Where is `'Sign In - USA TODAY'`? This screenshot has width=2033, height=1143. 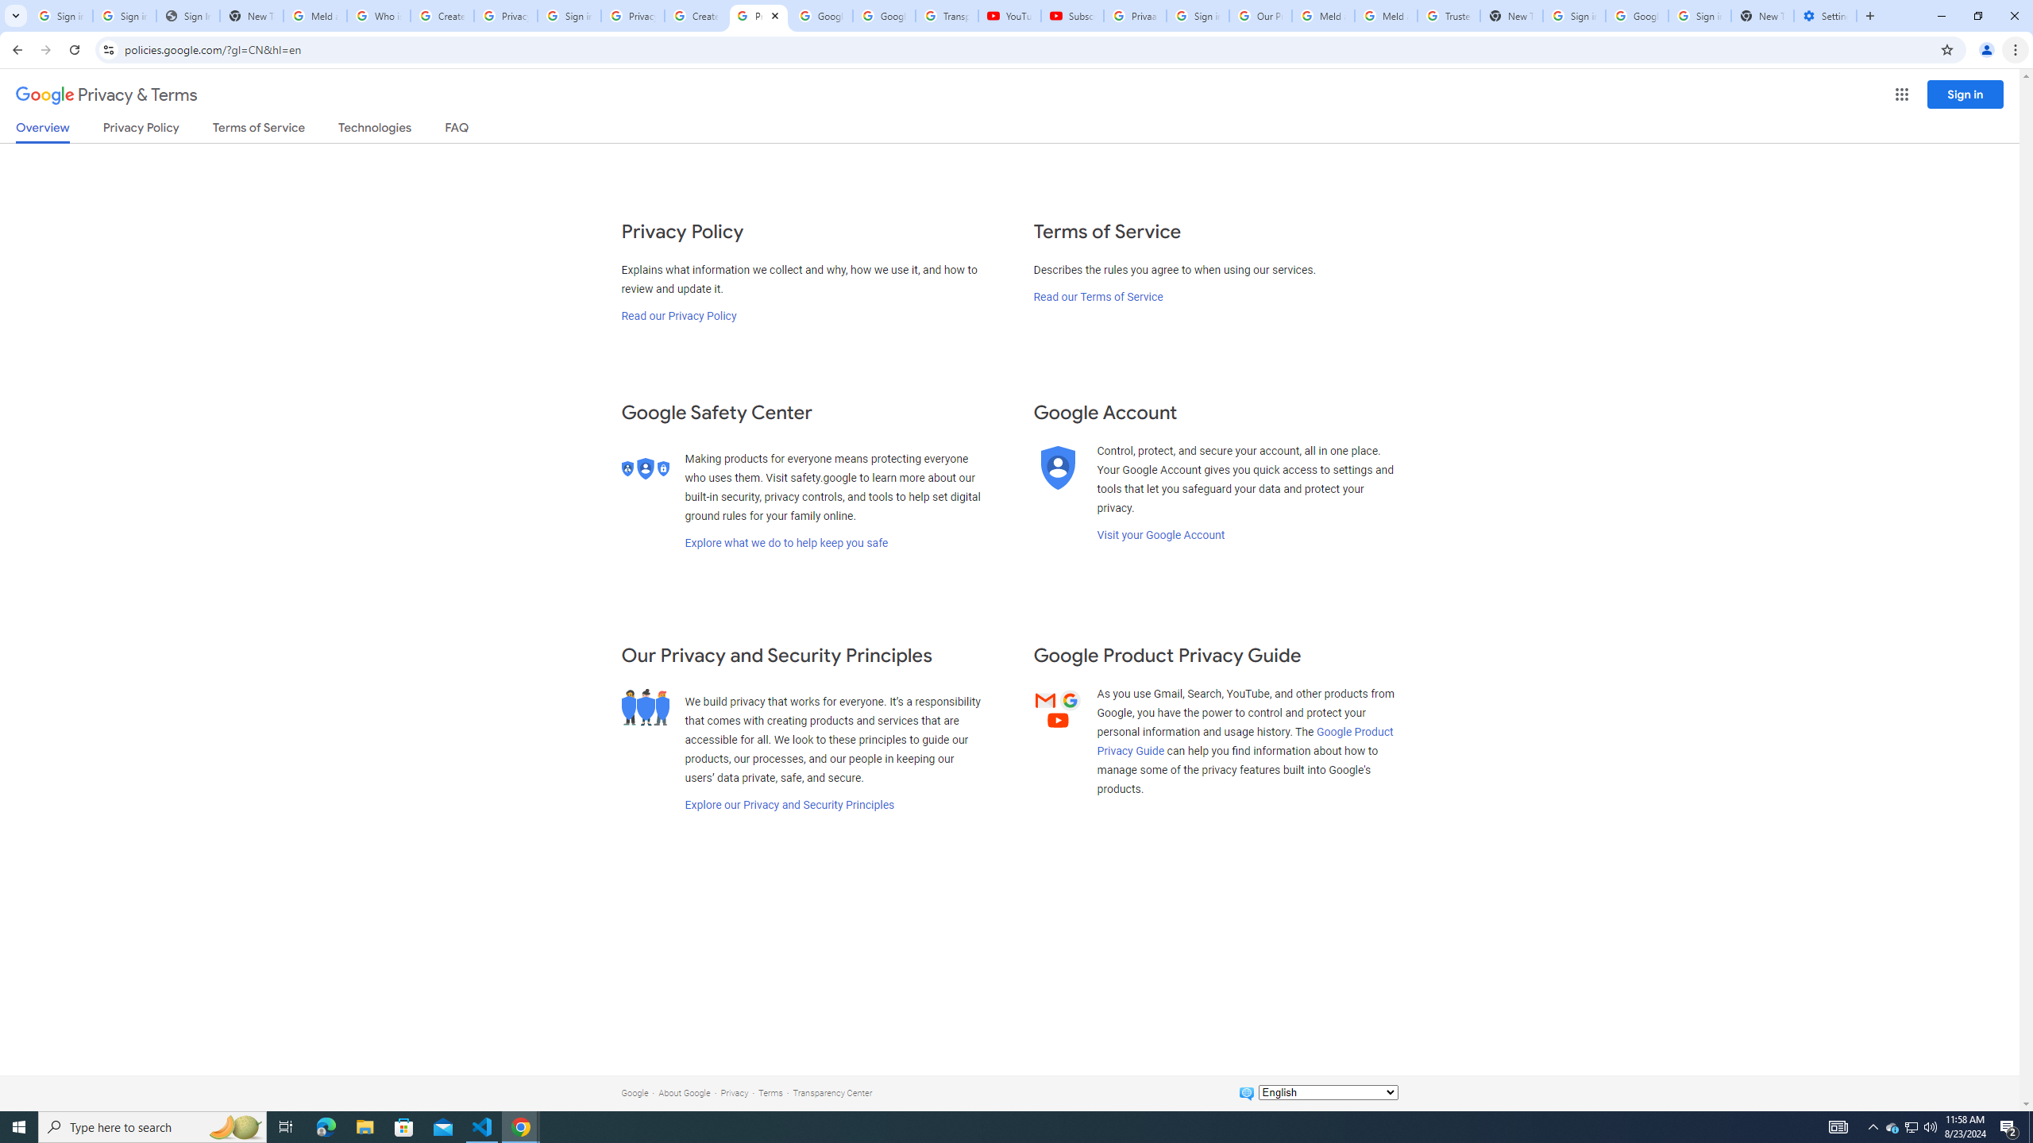
'Sign In - USA TODAY' is located at coordinates (187, 15).